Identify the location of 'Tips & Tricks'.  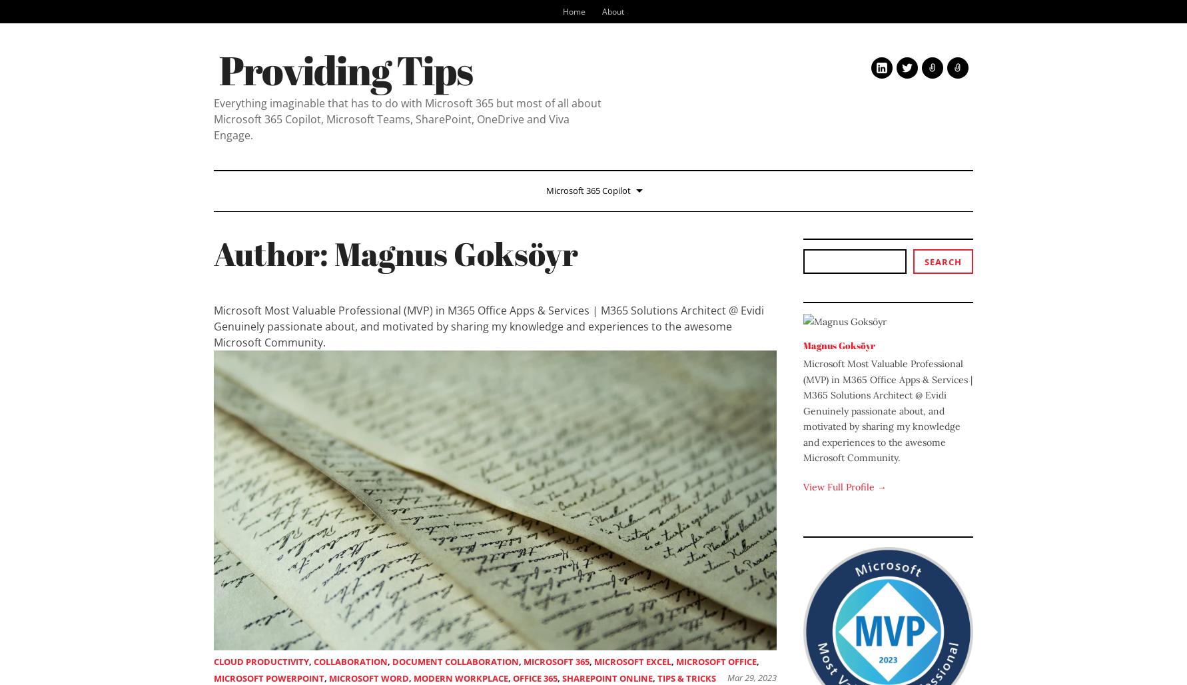
(657, 678).